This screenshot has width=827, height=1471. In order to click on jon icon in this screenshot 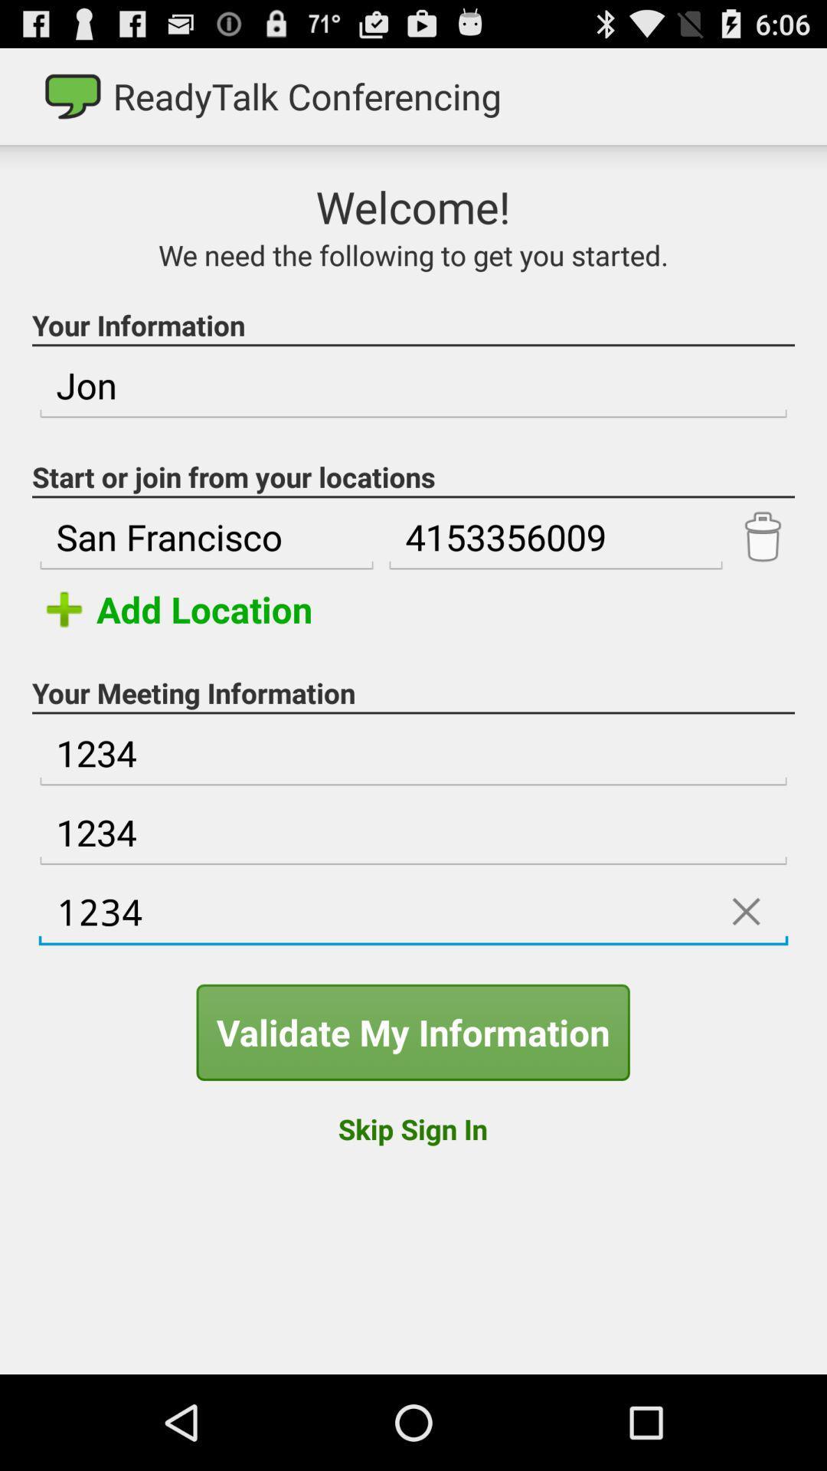, I will do `click(413, 386)`.